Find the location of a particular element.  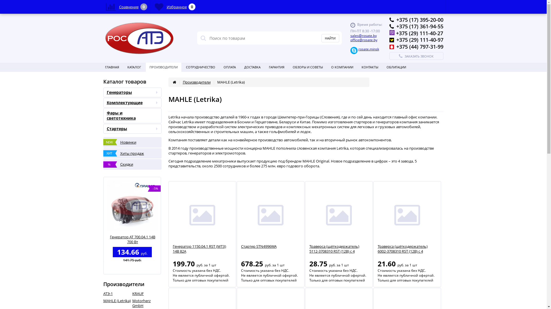

'rosate.minsk' is located at coordinates (368, 49).